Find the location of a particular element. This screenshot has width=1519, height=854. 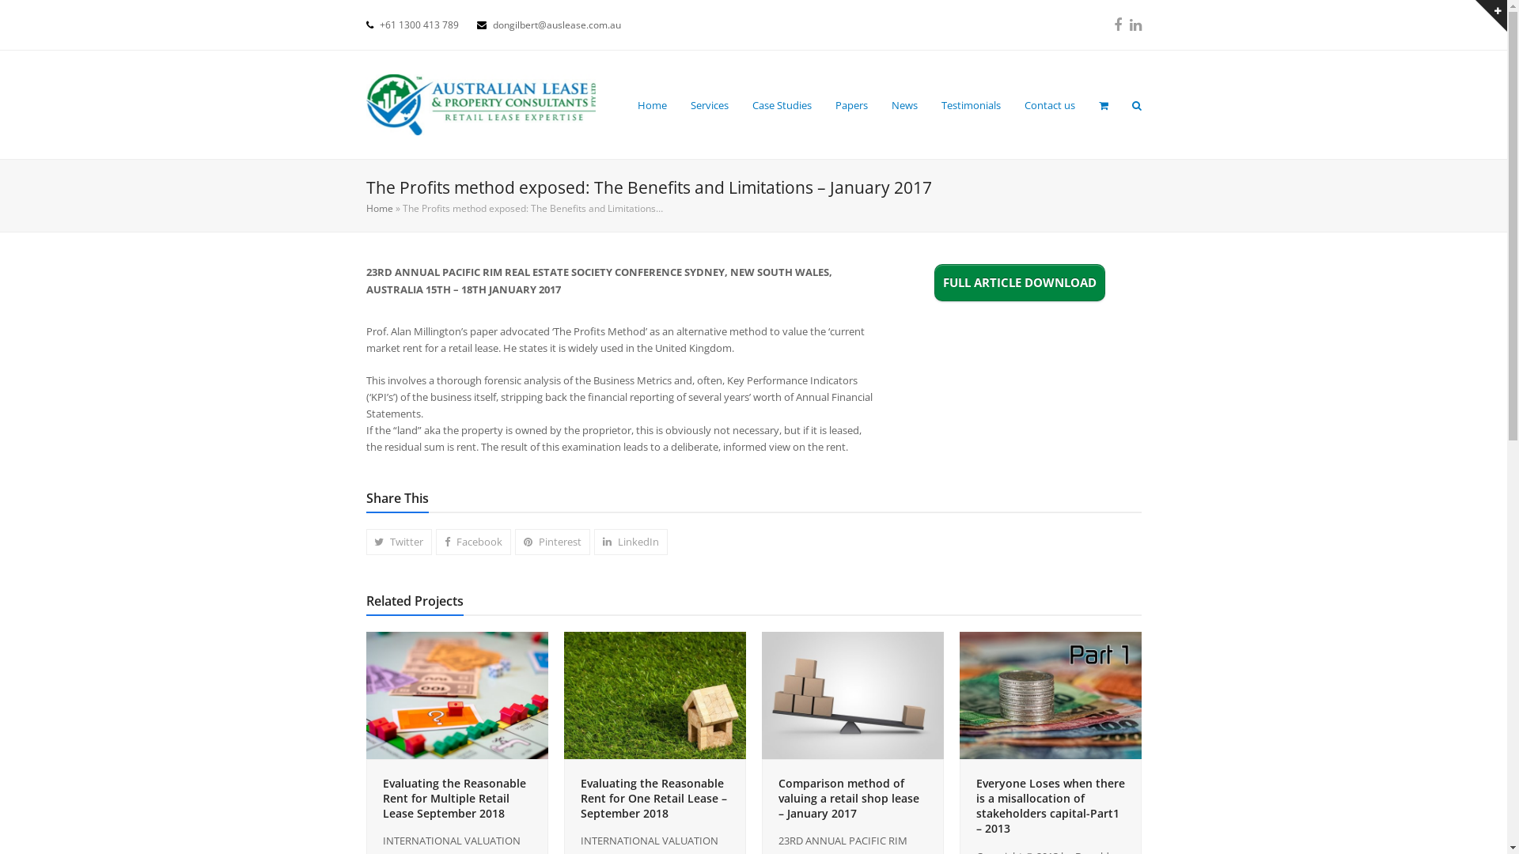

'Home' is located at coordinates (651, 104).